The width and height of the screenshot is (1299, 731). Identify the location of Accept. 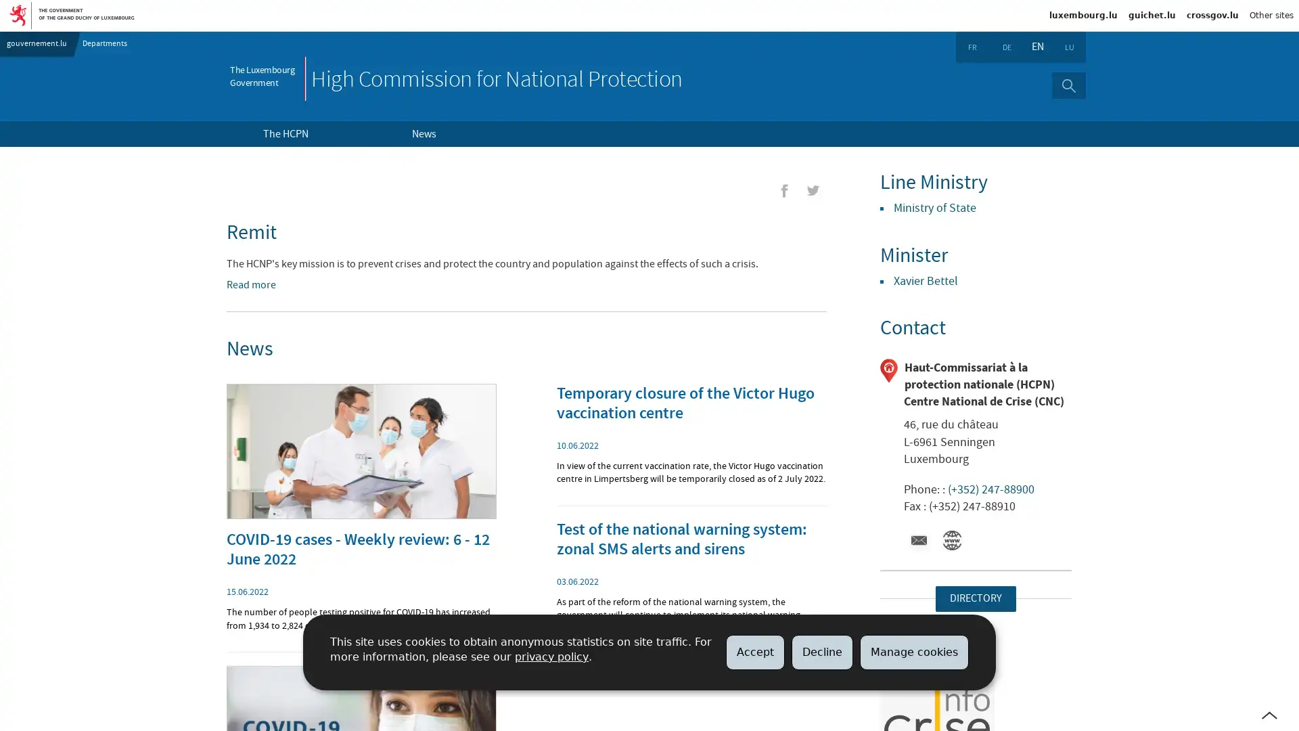
(754, 652).